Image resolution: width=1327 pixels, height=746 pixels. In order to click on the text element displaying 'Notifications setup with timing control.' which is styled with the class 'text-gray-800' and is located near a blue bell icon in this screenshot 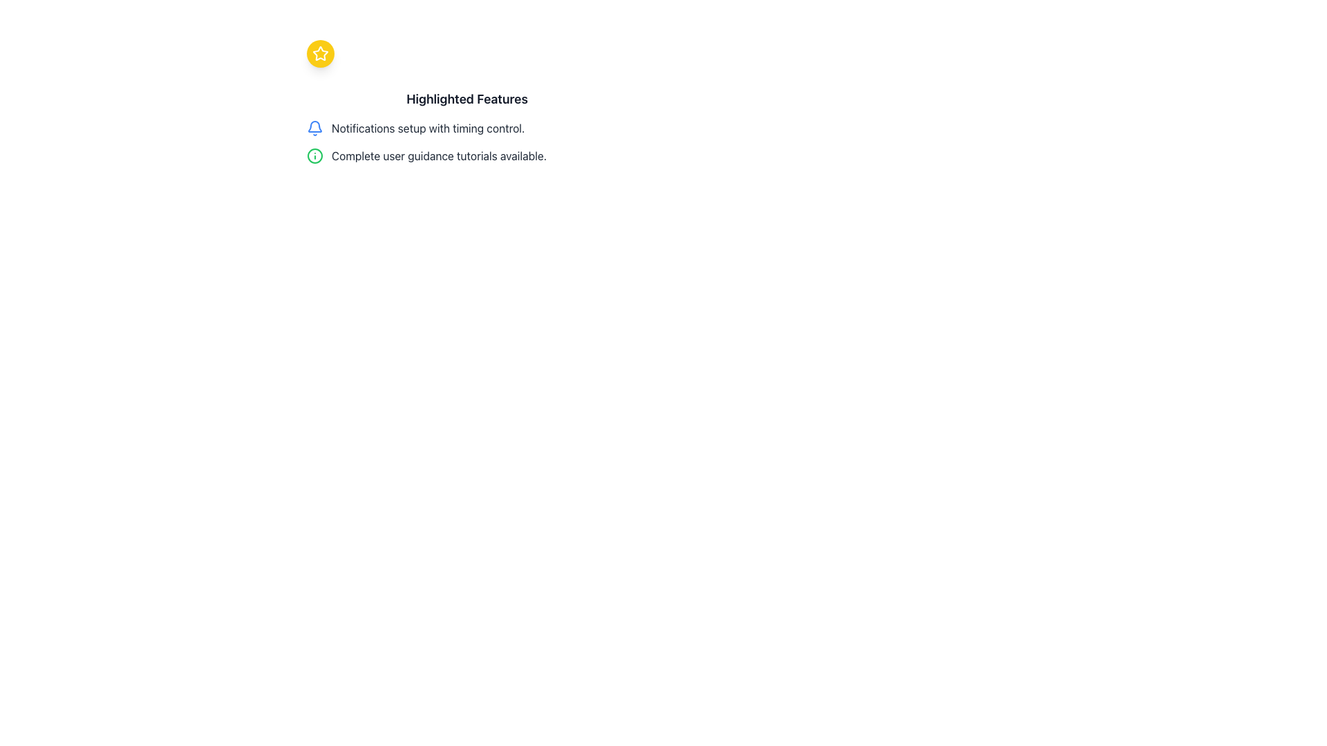, I will do `click(427, 128)`.